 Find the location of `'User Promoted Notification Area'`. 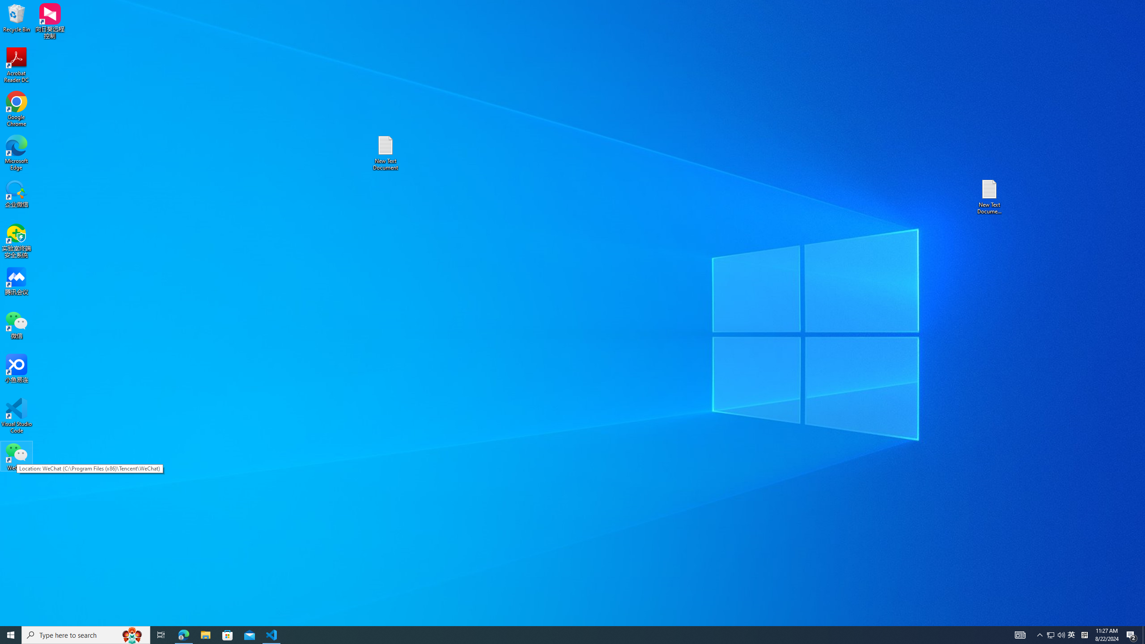

'User Promoted Notification Area' is located at coordinates (1056, 634).